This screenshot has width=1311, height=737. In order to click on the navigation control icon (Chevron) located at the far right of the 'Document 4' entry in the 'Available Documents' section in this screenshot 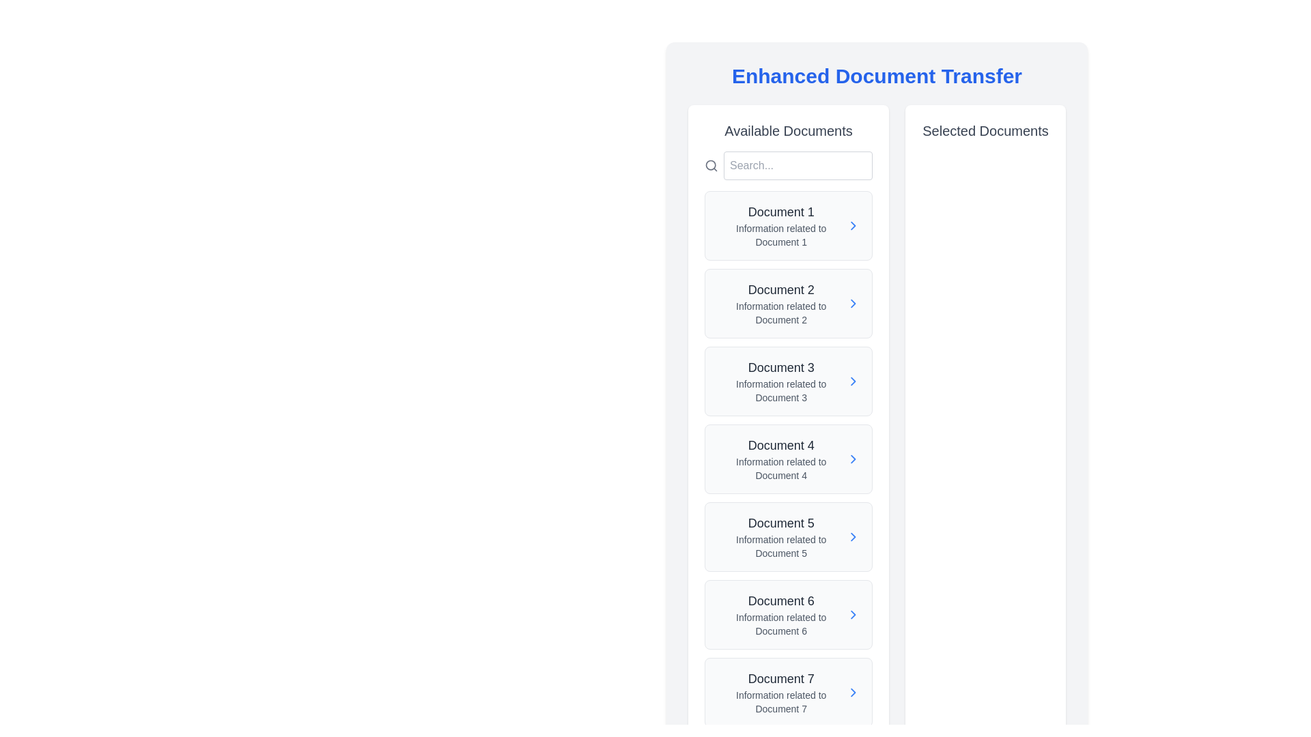, I will do `click(852, 459)`.